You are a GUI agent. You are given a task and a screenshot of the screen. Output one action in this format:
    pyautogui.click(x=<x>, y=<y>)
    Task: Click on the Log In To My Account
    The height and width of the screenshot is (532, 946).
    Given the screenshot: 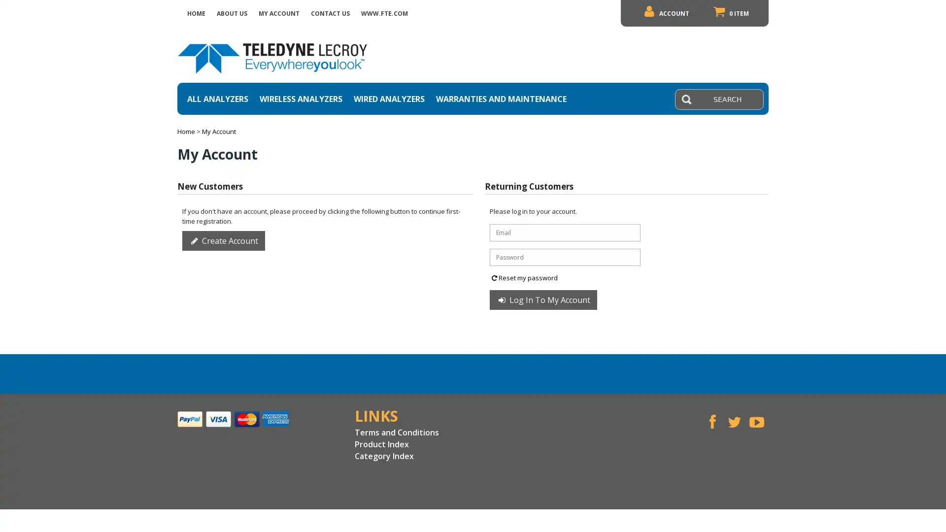 What is the action you would take?
    pyautogui.click(x=543, y=299)
    